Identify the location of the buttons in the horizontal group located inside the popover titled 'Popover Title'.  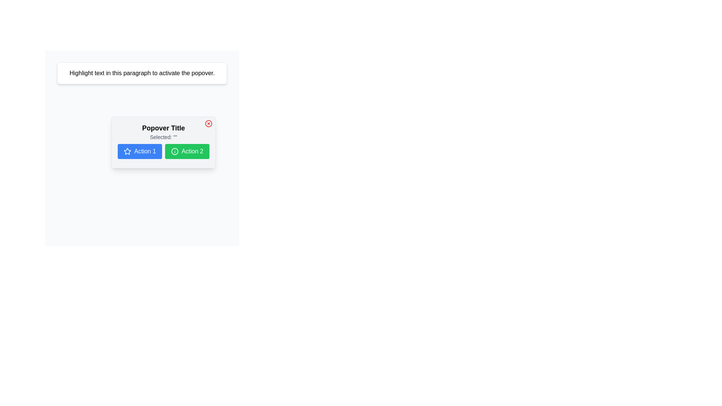
(163, 151).